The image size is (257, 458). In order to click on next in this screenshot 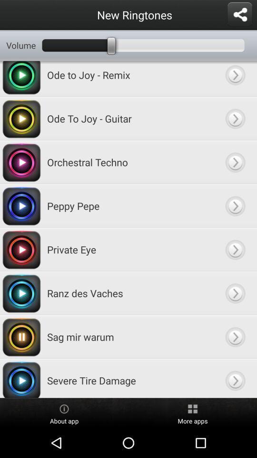, I will do `click(235, 378)`.